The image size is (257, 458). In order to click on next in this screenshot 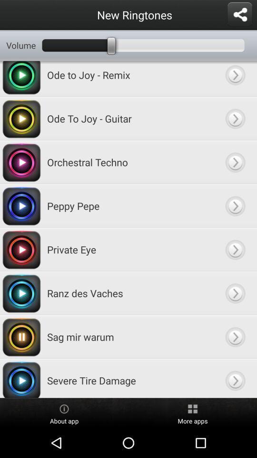, I will do `click(235, 378)`.